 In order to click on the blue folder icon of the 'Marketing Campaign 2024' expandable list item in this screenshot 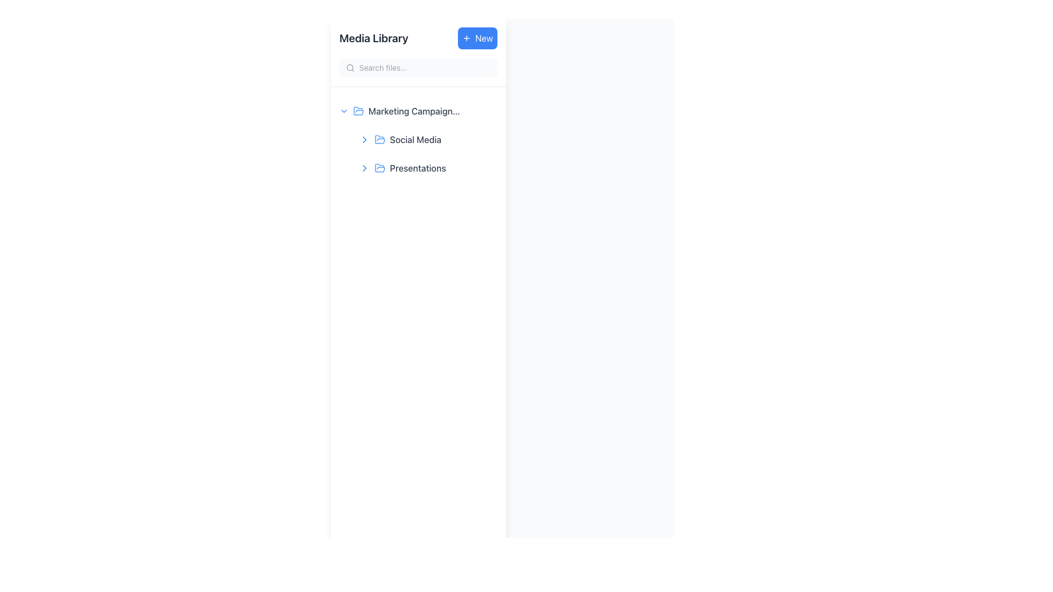, I will do `click(418, 111)`.